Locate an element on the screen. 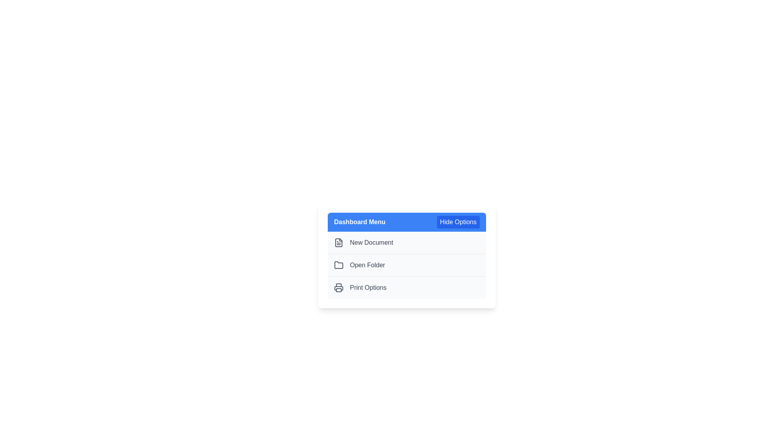  the 'New Document' icon located on the left side of the menu row labeled 'New Document' is located at coordinates (338, 242).